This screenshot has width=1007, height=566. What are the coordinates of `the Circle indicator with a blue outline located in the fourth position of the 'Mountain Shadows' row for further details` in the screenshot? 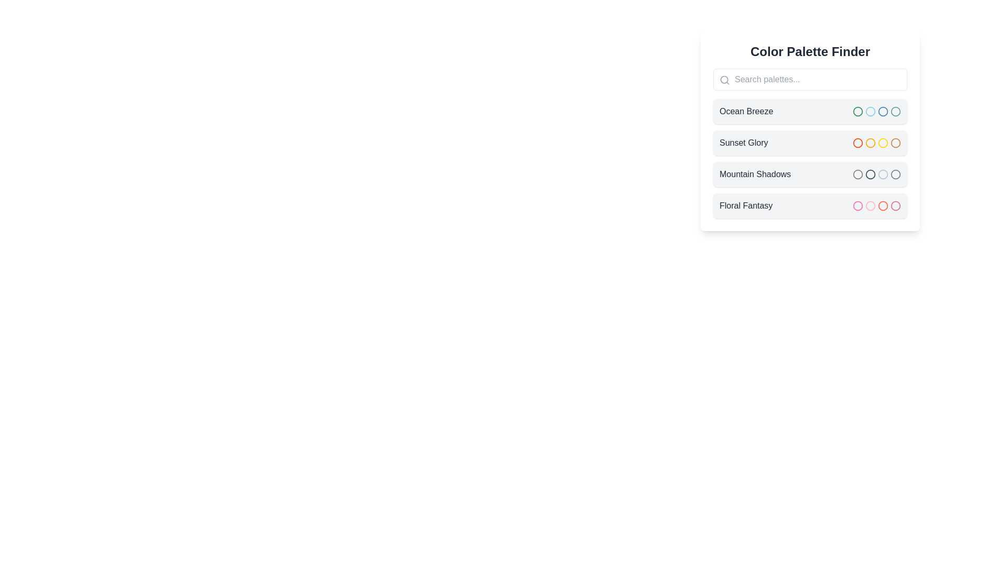 It's located at (883, 173).